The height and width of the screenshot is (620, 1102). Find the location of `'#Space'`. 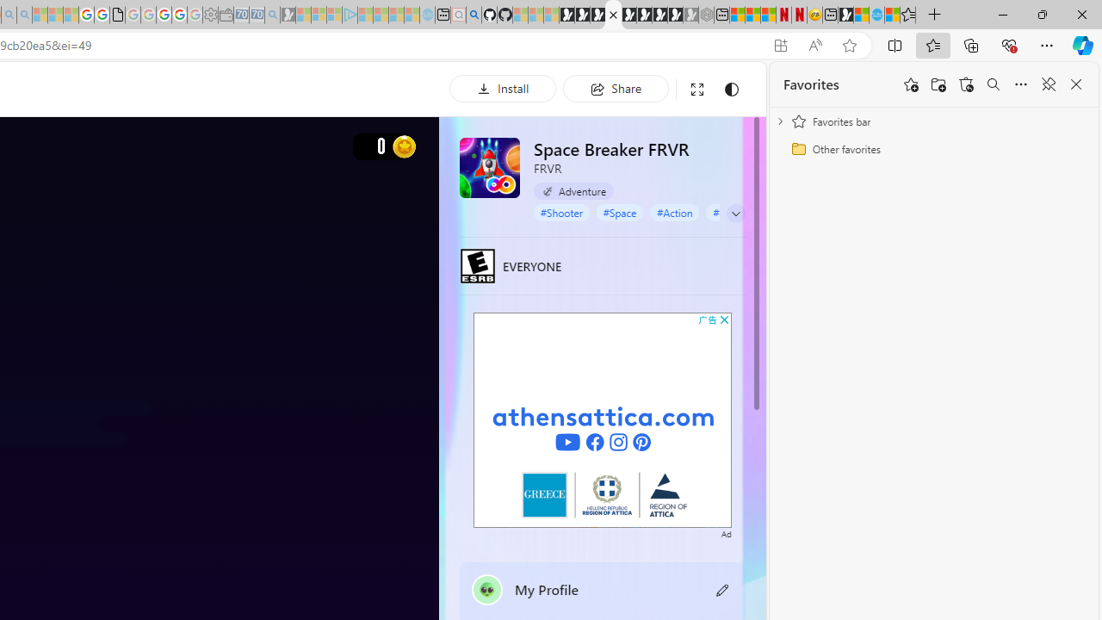

'#Space' is located at coordinates (620, 211).